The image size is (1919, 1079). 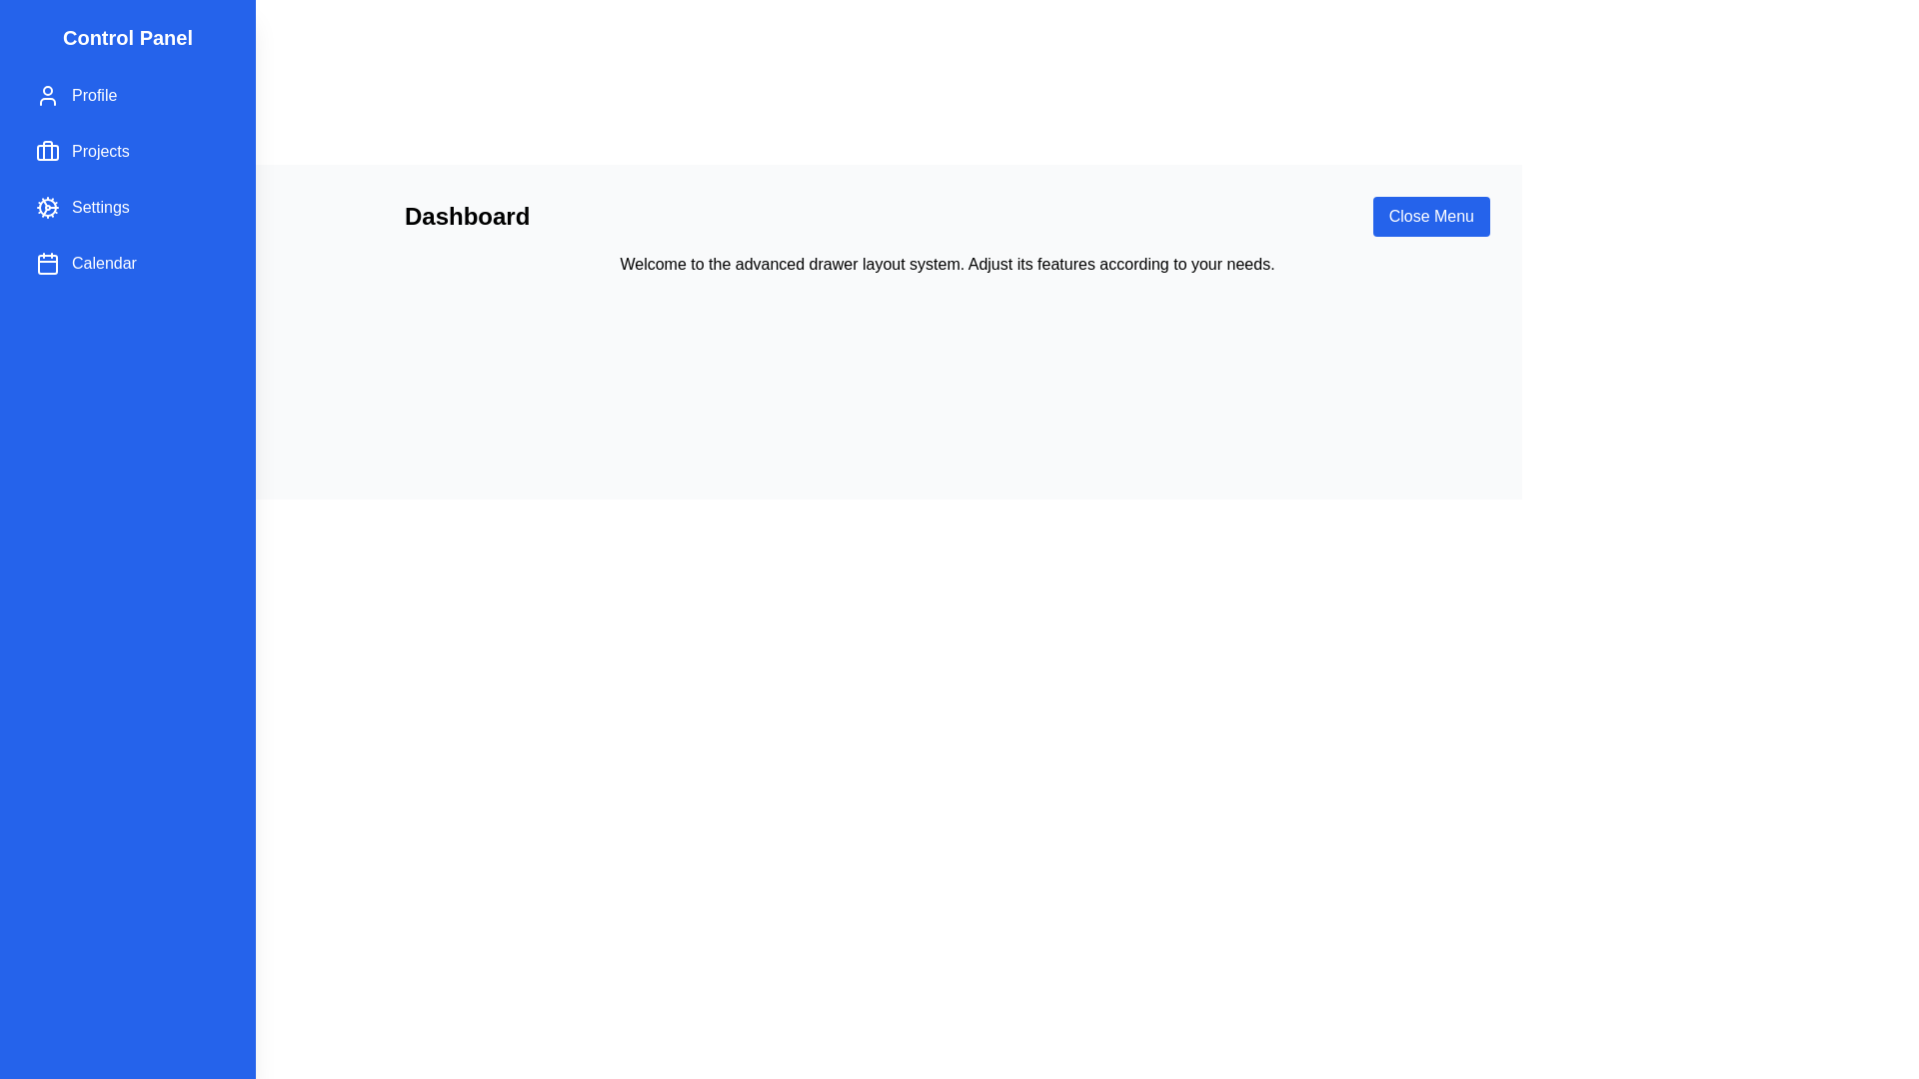 What do you see at coordinates (103, 262) in the screenshot?
I see `the 'Calendar' text label, which is the fourth item in the vertical menu on the left-hand side` at bounding box center [103, 262].